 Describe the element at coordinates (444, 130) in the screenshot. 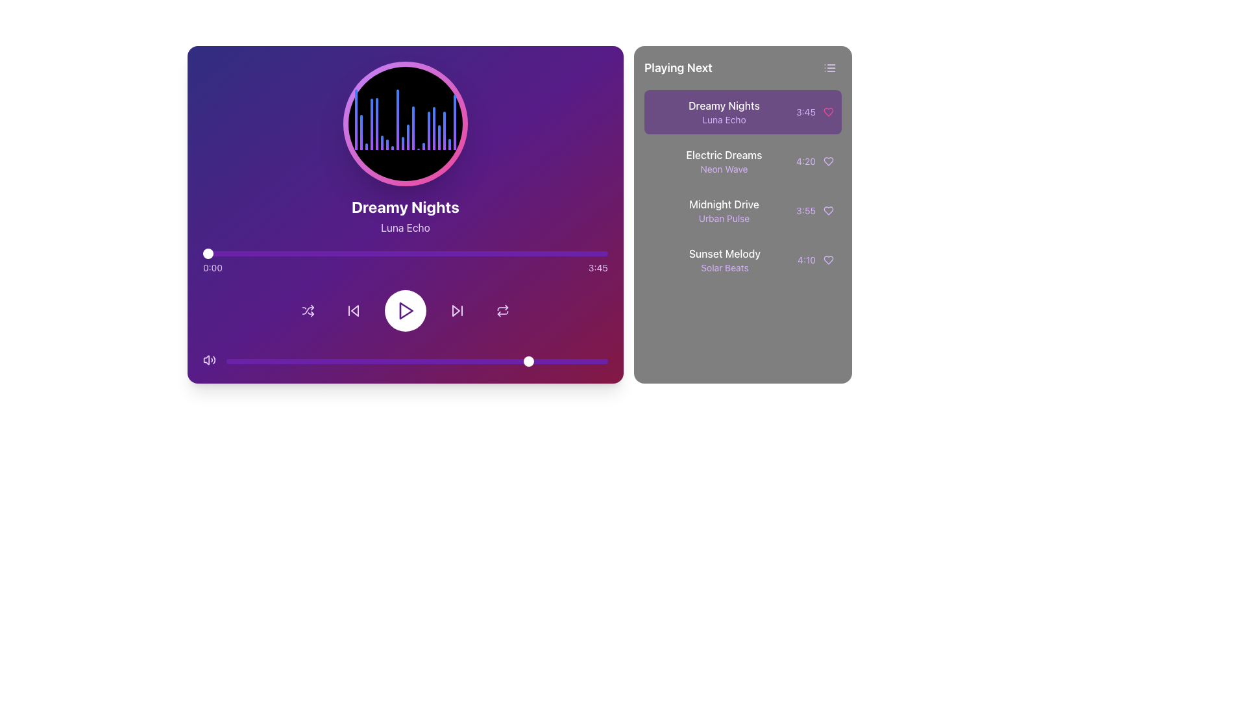

I see `the seventeenth vertical bar in the graphical chart, which features a gradient color from blue to purple and has a rounded top` at that location.